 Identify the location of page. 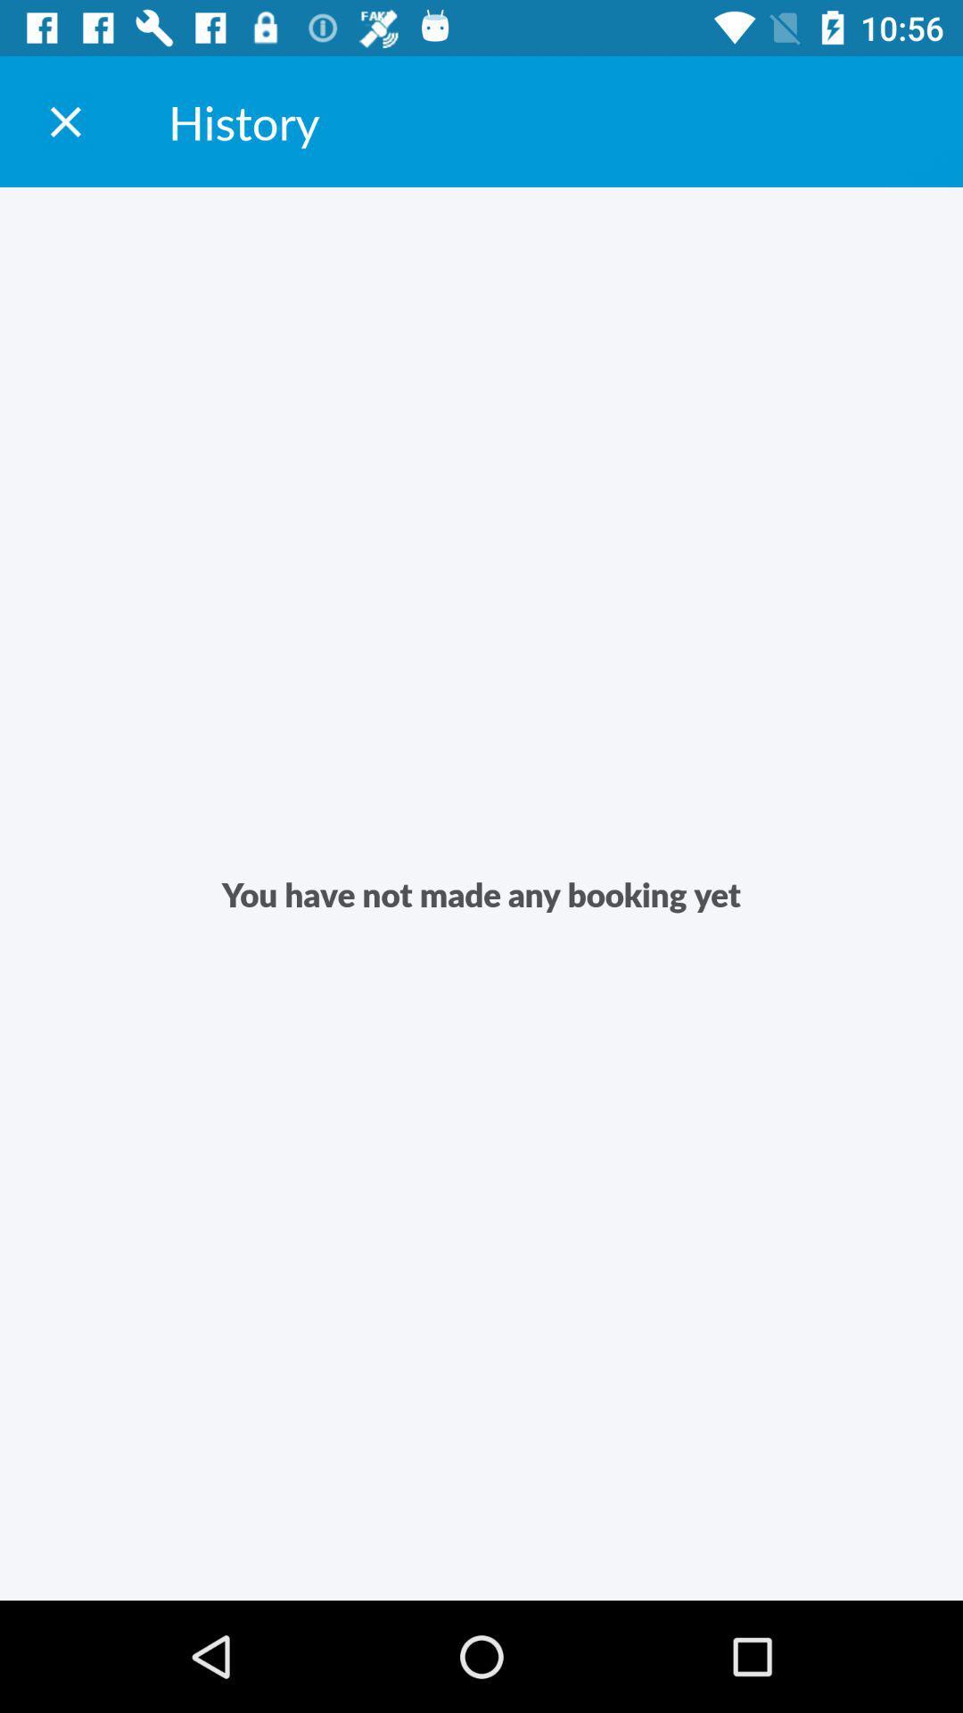
(64, 120).